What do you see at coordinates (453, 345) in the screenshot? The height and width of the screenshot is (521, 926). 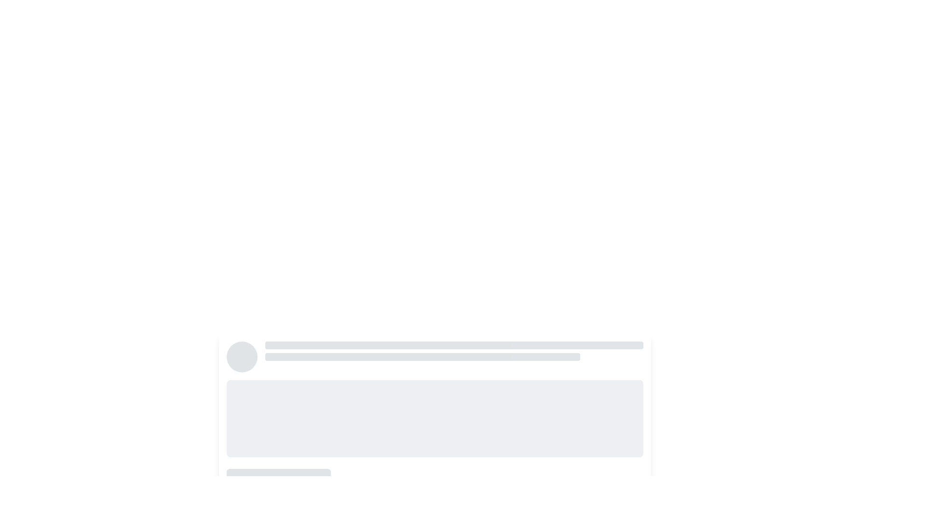 I see `the first placeholder or skeleton loader element that indicates content loading, positioned above another similar placeholder` at bounding box center [453, 345].